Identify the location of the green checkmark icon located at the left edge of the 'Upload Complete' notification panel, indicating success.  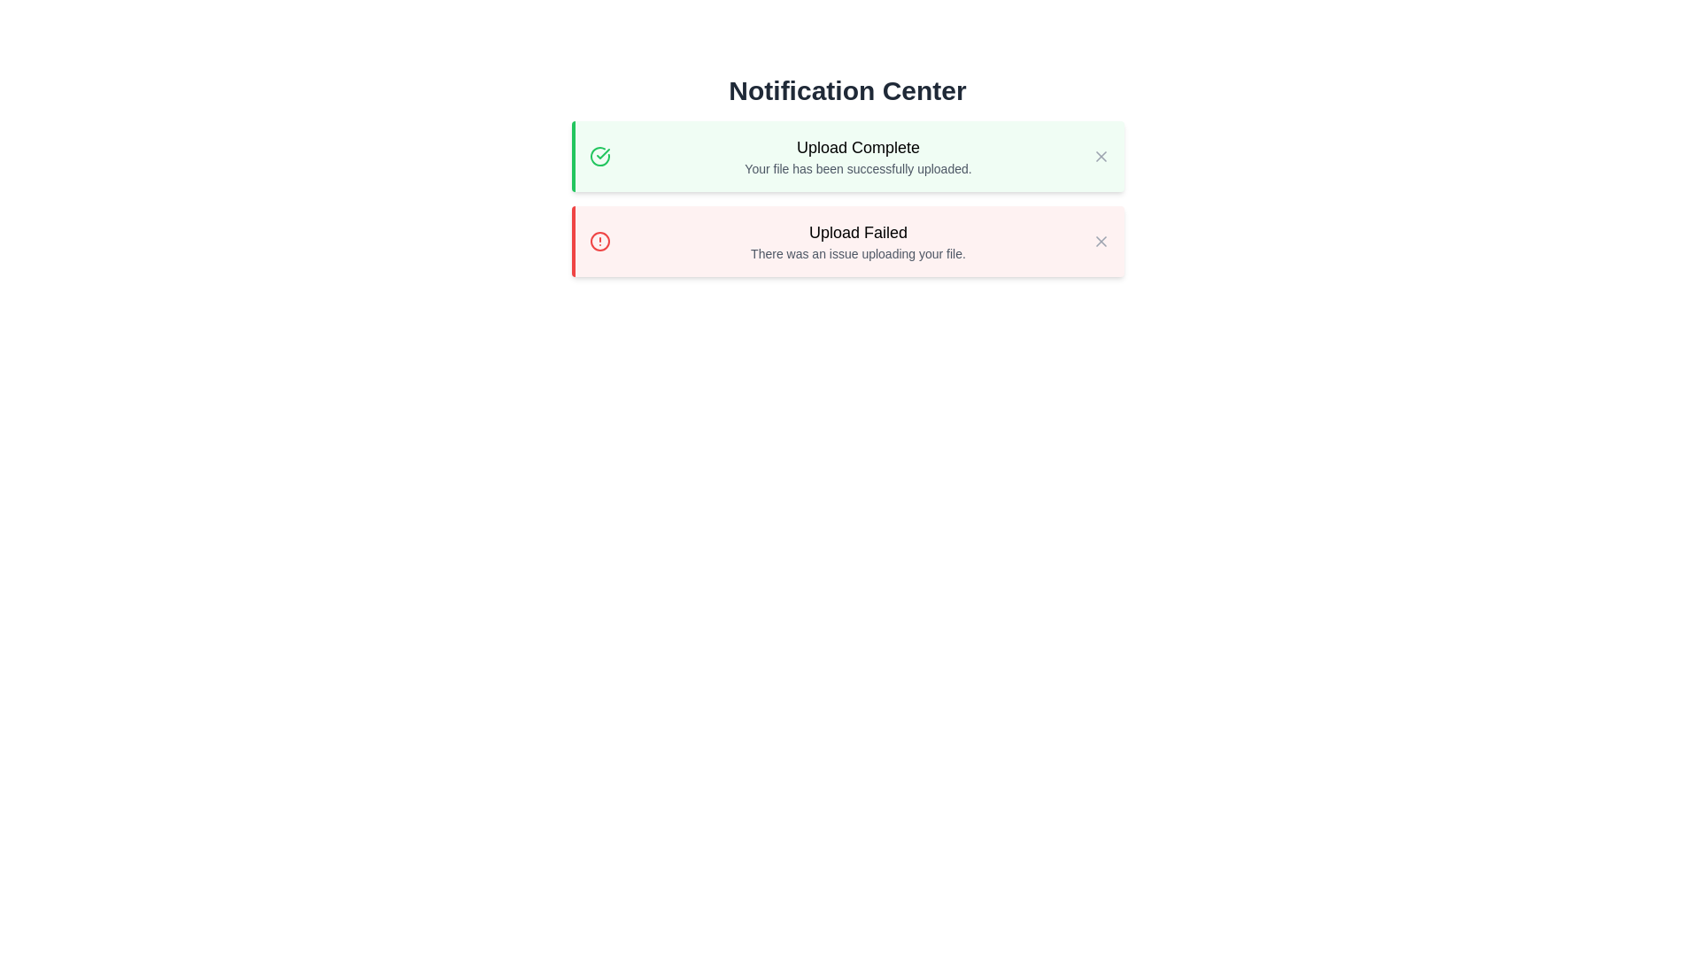
(603, 152).